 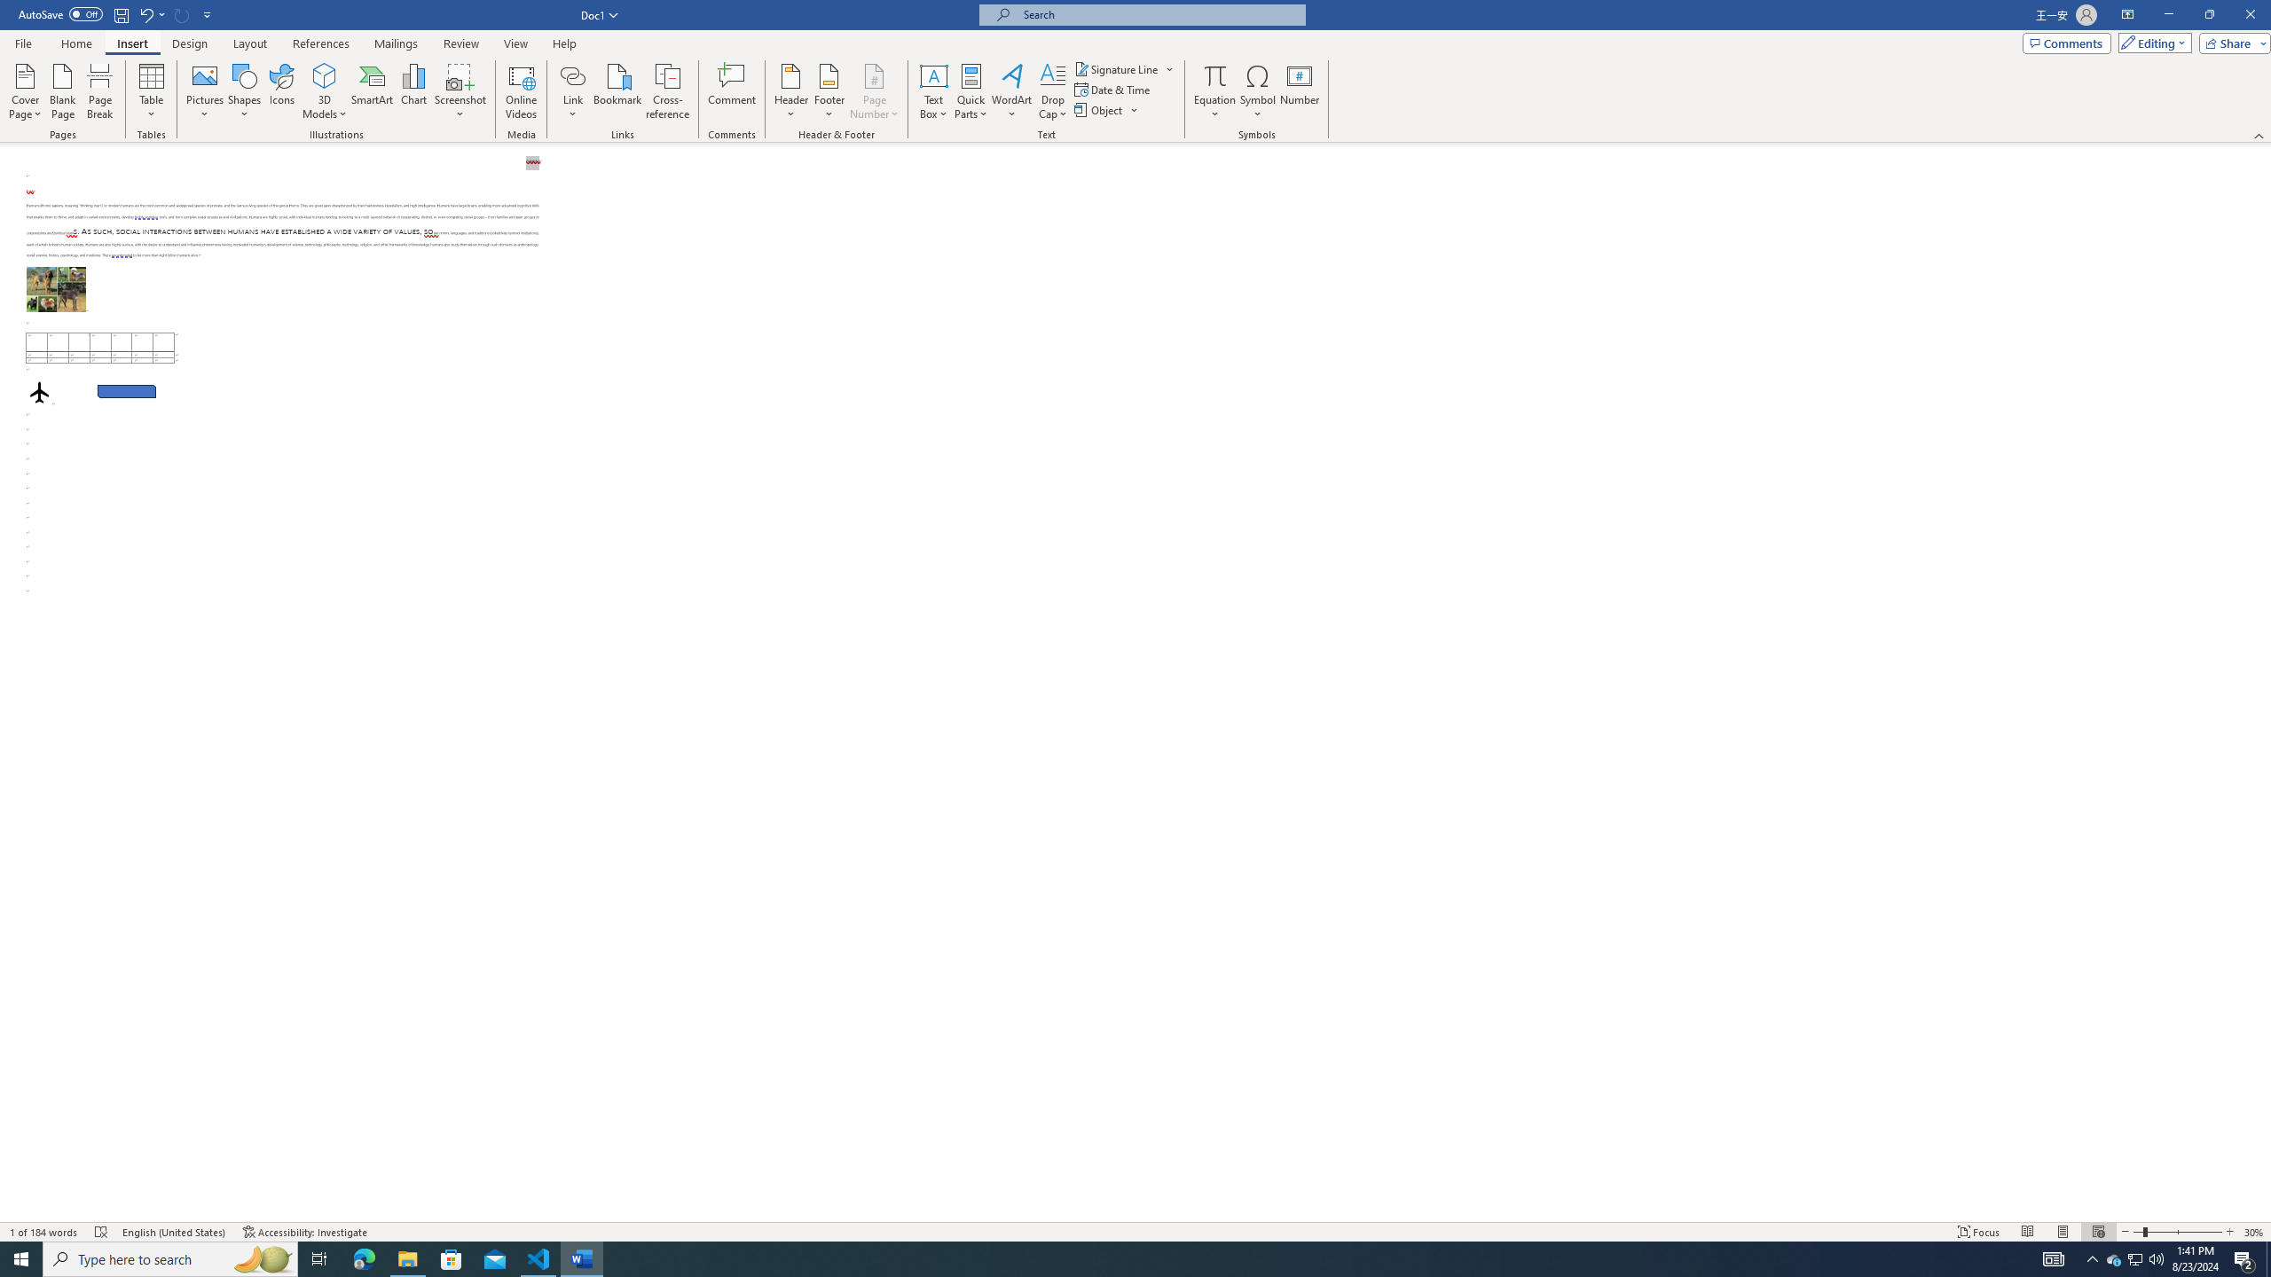 What do you see at coordinates (2249, 14) in the screenshot?
I see `'Close'` at bounding box center [2249, 14].